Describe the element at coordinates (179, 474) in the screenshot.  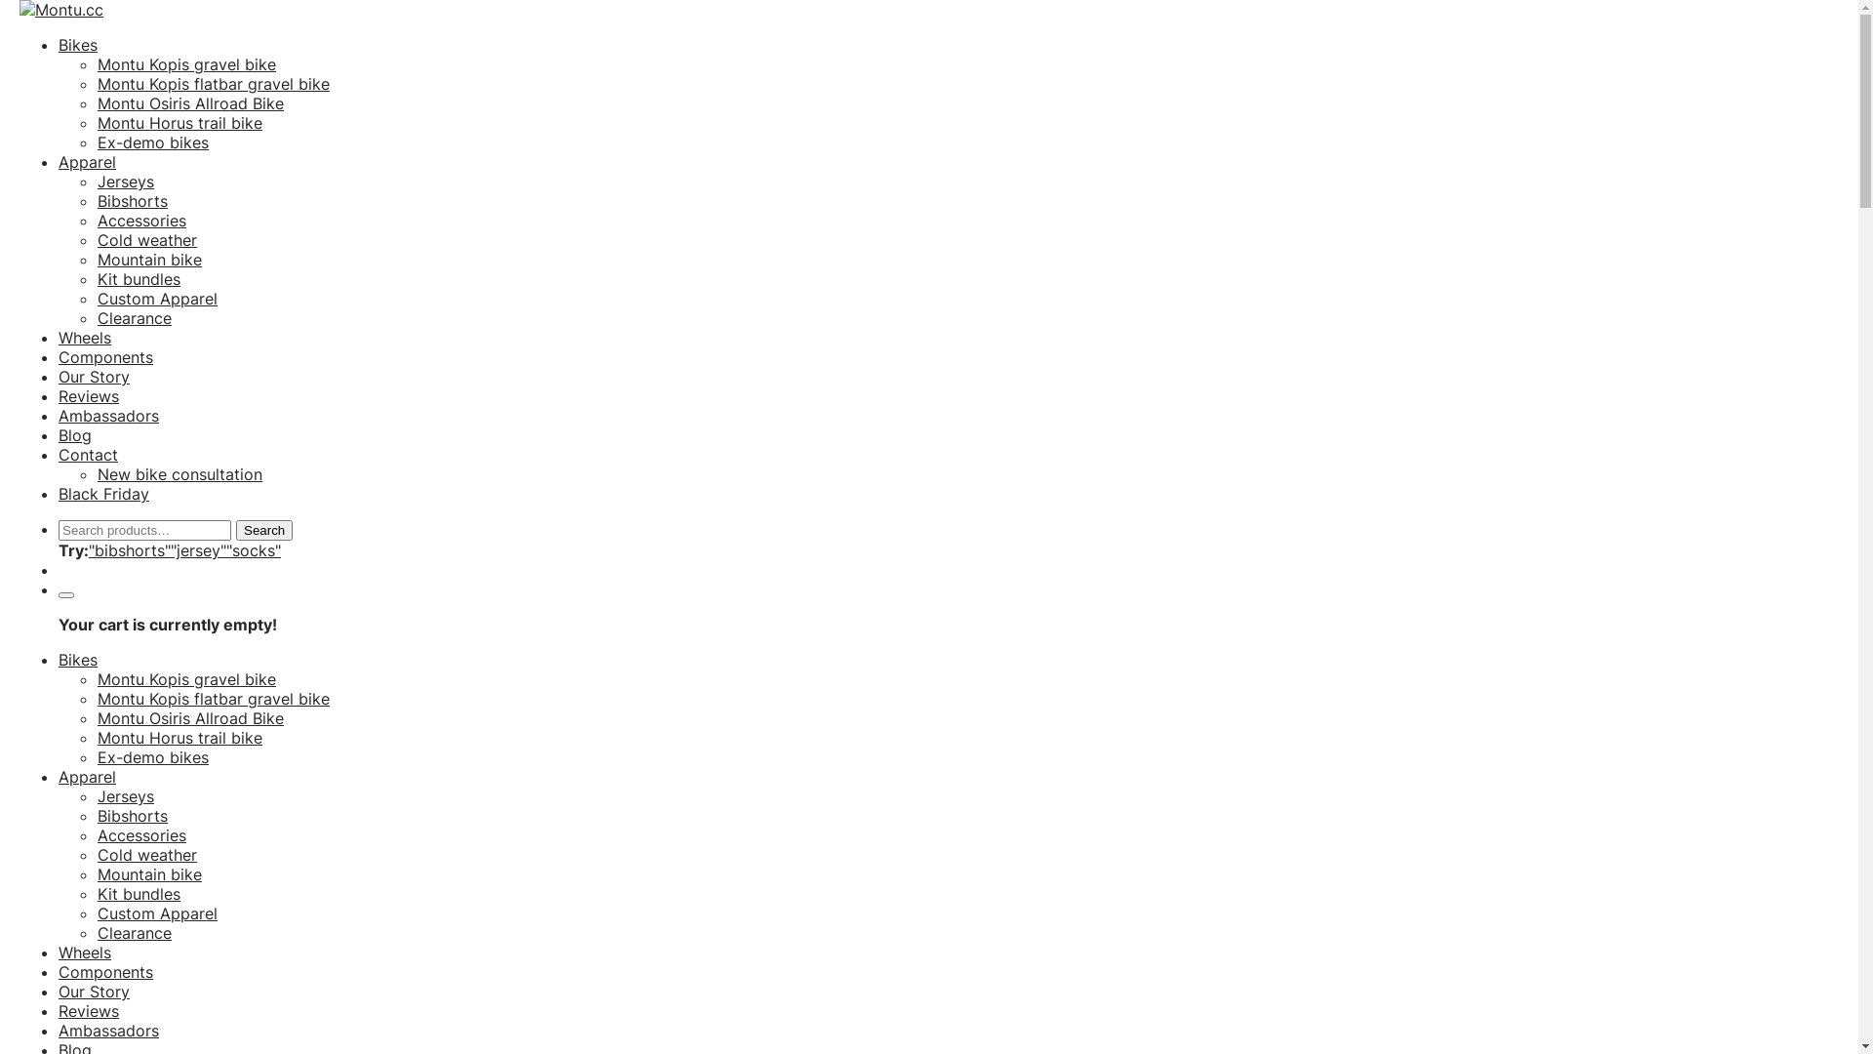
I see `'New bike consultation'` at that location.